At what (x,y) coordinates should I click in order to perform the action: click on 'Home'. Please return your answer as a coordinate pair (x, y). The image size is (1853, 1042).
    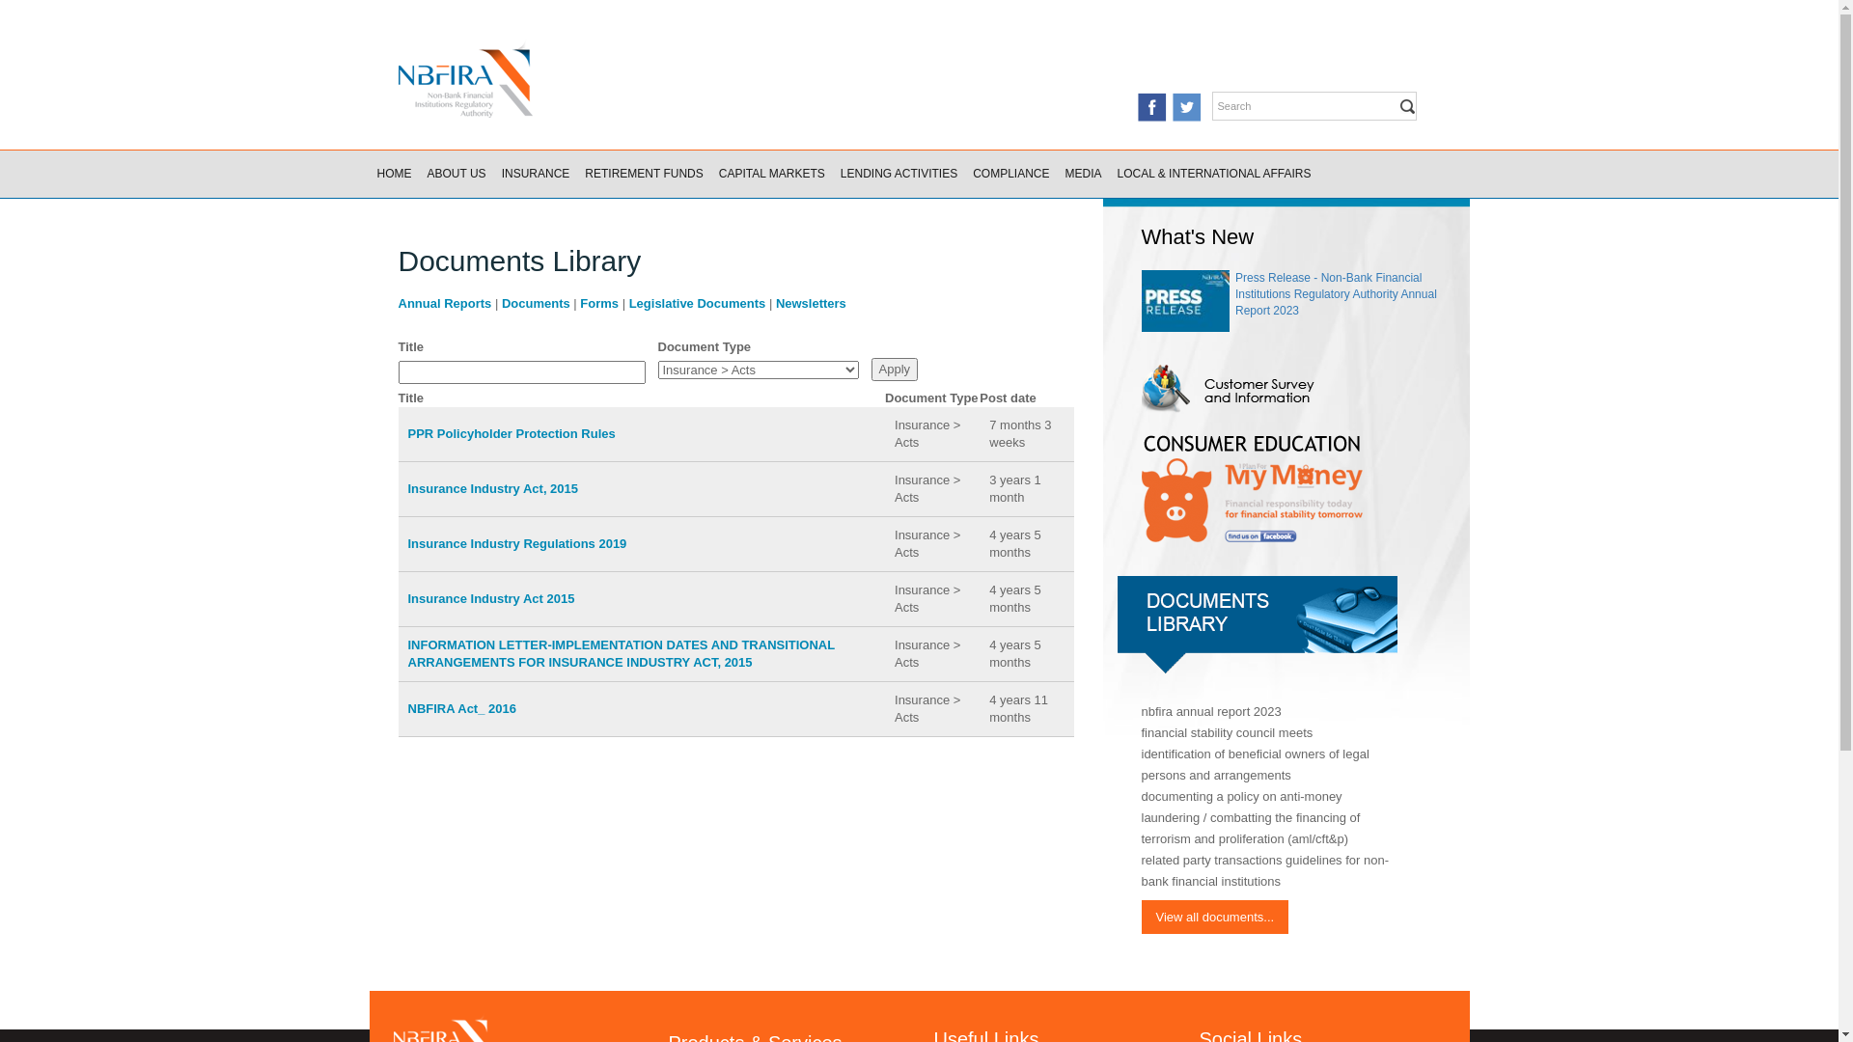
    Looking at the image, I should click on (384, 77).